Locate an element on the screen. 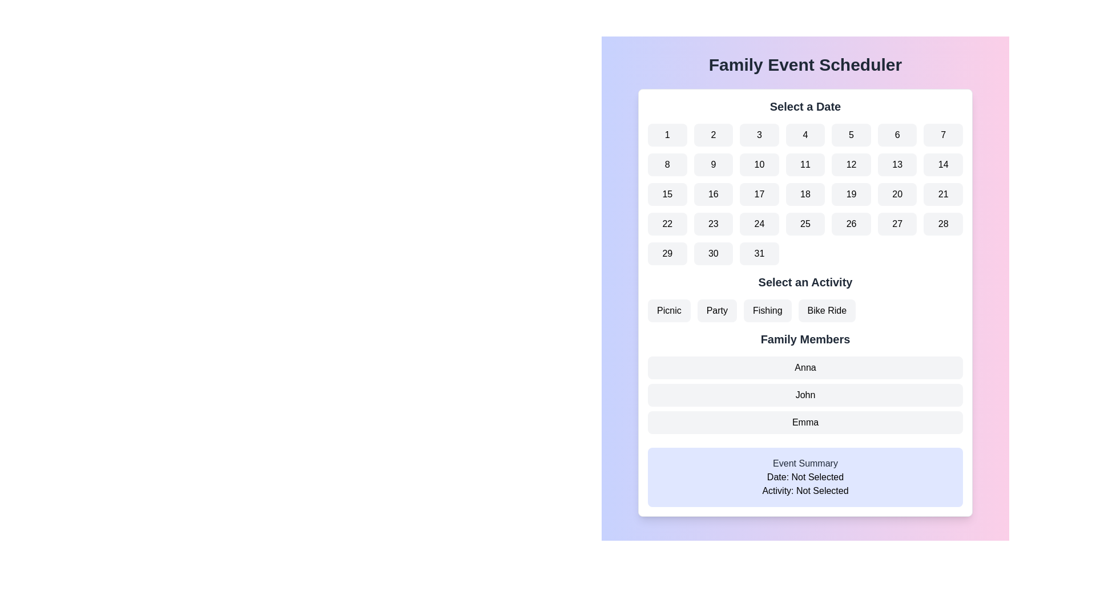  the button in the seventh column of the third row that allows the user is located at coordinates (943, 193).